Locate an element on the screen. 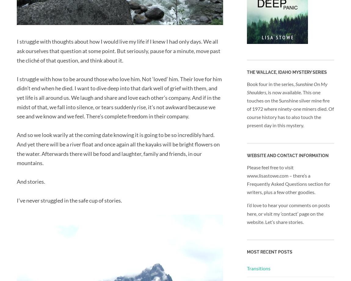  'And stories.' is located at coordinates (31, 181).